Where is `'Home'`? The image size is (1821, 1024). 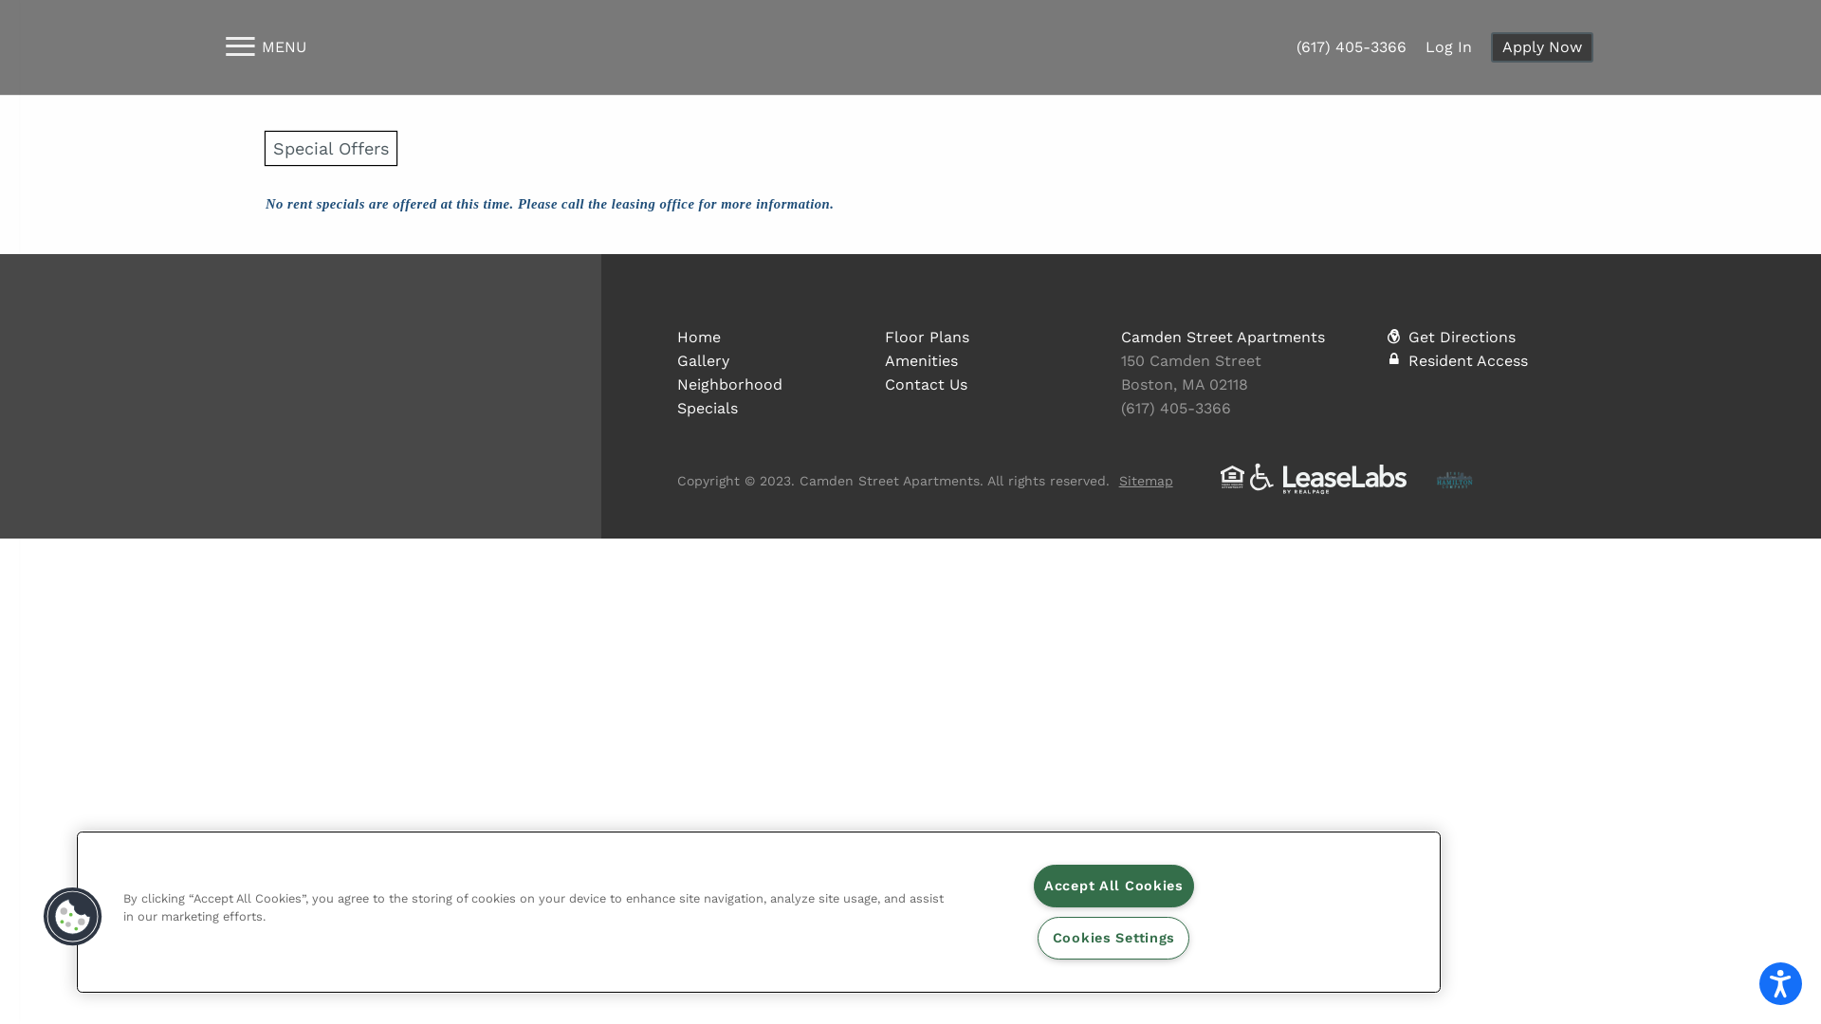 'Home' is located at coordinates (677, 336).